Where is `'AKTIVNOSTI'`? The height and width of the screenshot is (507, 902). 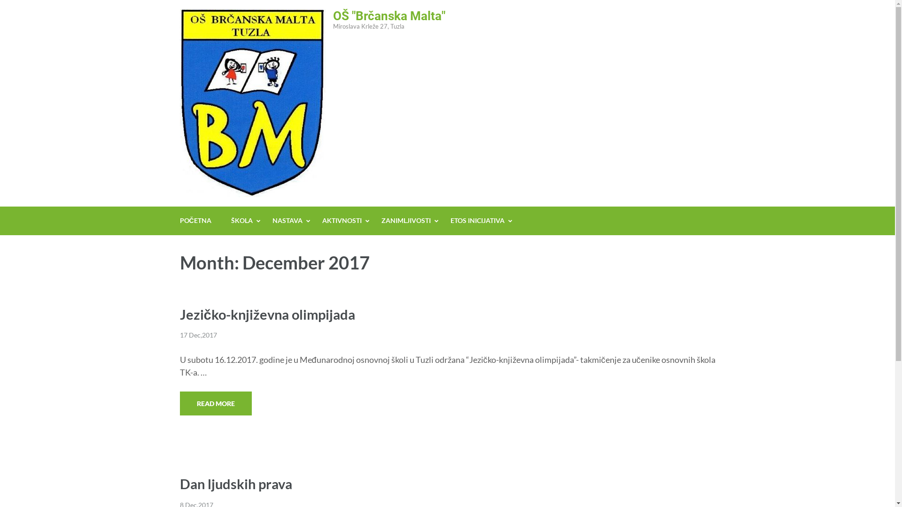
'AKTIVNOSTI' is located at coordinates (342, 221).